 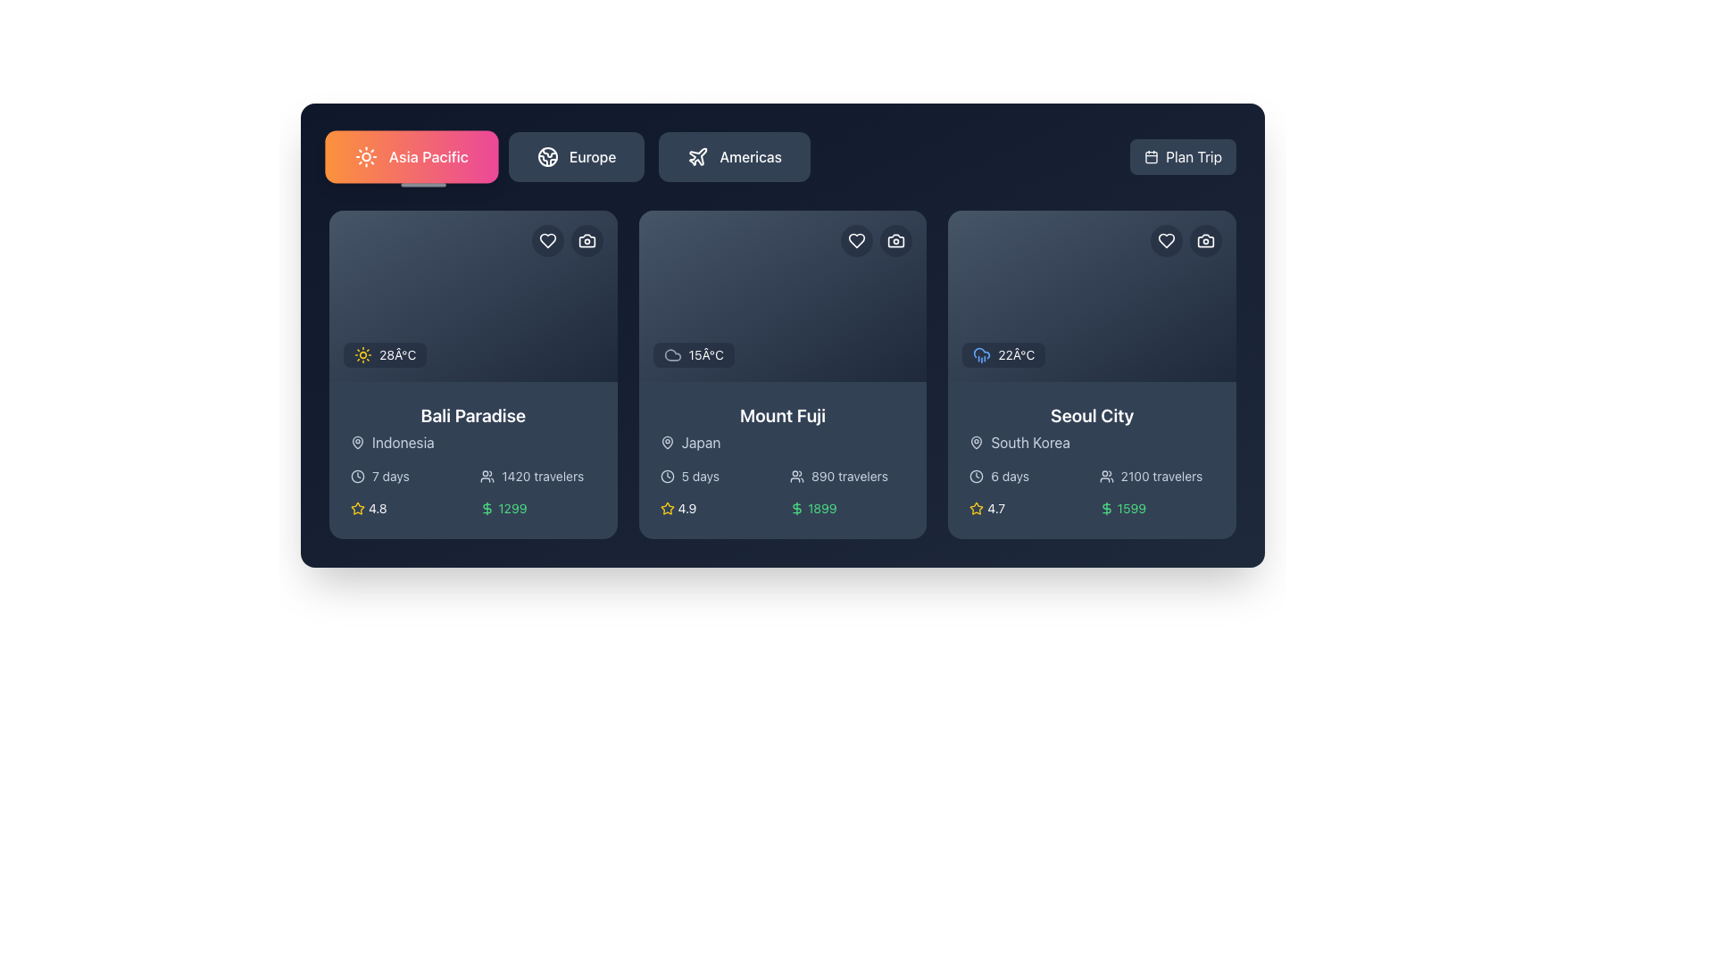 I want to click on the camera icon located in the top right corner of the 'Seoul City' card, which serves as an action button for uploading or viewing photos, so click(x=1205, y=241).